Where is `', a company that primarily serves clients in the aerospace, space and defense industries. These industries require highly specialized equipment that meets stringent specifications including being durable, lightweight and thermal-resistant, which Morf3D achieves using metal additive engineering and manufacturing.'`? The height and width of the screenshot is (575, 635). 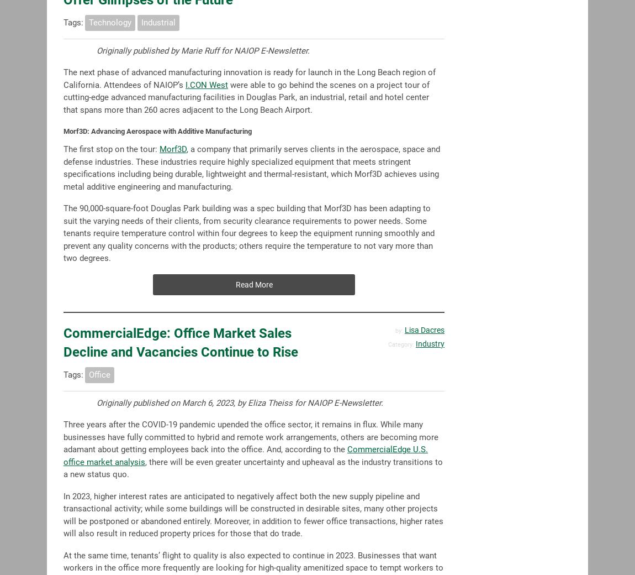 ', a company that primarily serves clients in the aerospace, space and defense industries. These industries require highly specialized equipment that meets stringent specifications including being durable, lightweight and thermal-resistant, which Morf3D achieves using metal additive engineering and manufacturing.' is located at coordinates (63, 167).